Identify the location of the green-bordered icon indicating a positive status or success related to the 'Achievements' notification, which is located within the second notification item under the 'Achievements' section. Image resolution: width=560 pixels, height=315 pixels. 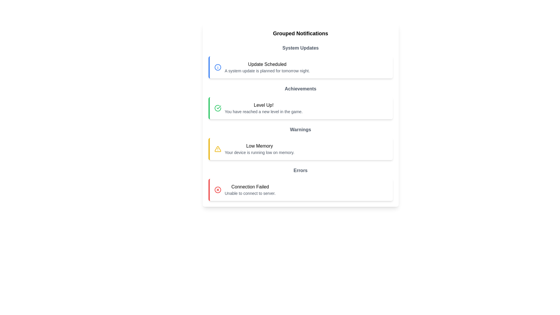
(218, 107).